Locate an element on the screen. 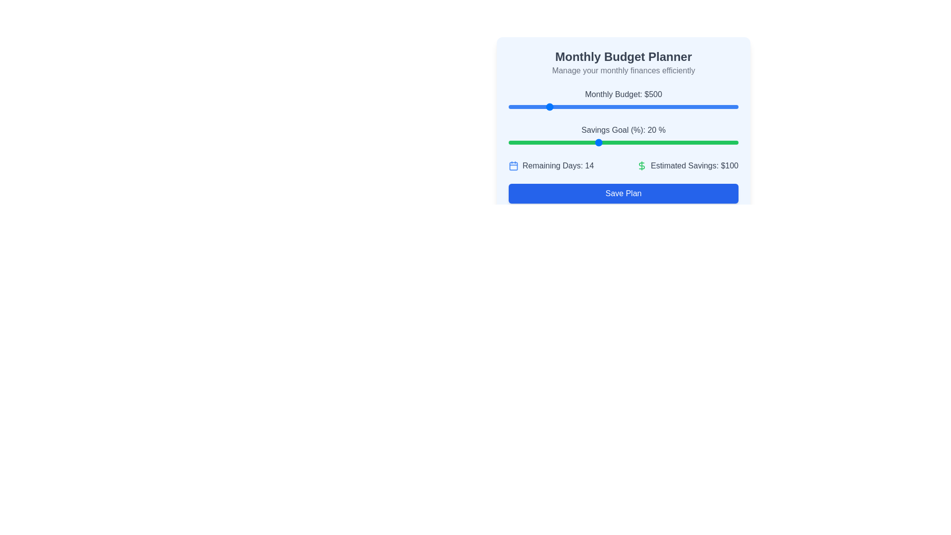  the budget is located at coordinates (705, 107).